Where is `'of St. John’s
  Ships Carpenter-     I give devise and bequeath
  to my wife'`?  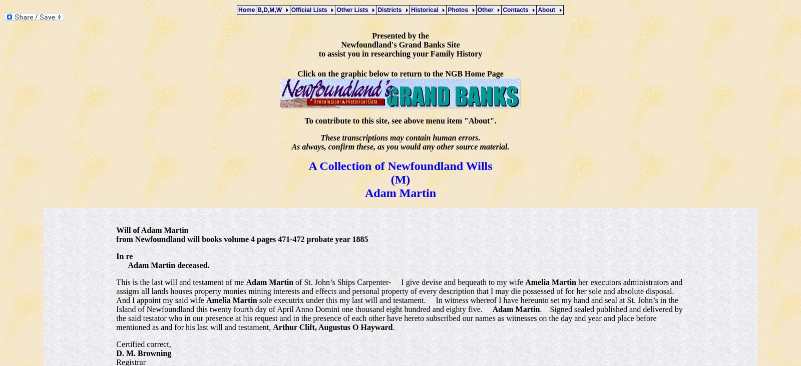 'of St. John’s
  Ships Carpenter-     I give devise and bequeath
  to my wife' is located at coordinates (409, 281).